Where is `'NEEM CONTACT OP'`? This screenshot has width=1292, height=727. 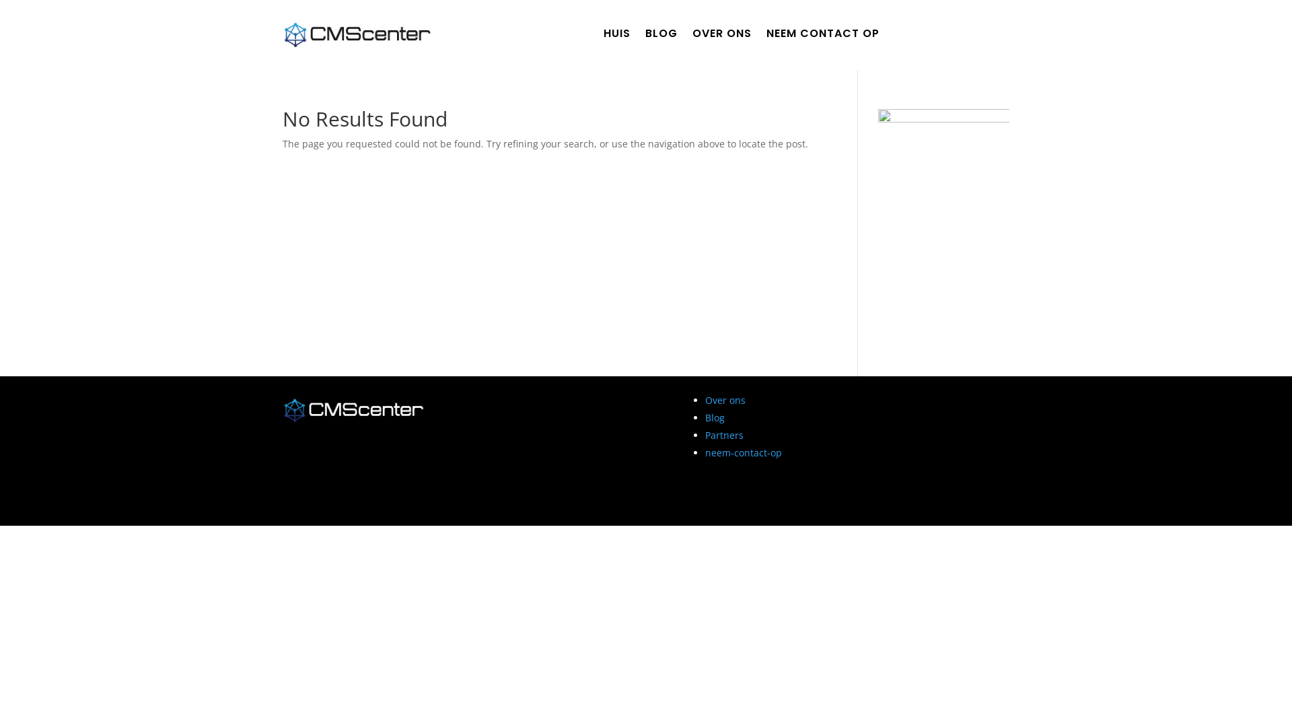
'NEEM CONTACT OP' is located at coordinates (822, 36).